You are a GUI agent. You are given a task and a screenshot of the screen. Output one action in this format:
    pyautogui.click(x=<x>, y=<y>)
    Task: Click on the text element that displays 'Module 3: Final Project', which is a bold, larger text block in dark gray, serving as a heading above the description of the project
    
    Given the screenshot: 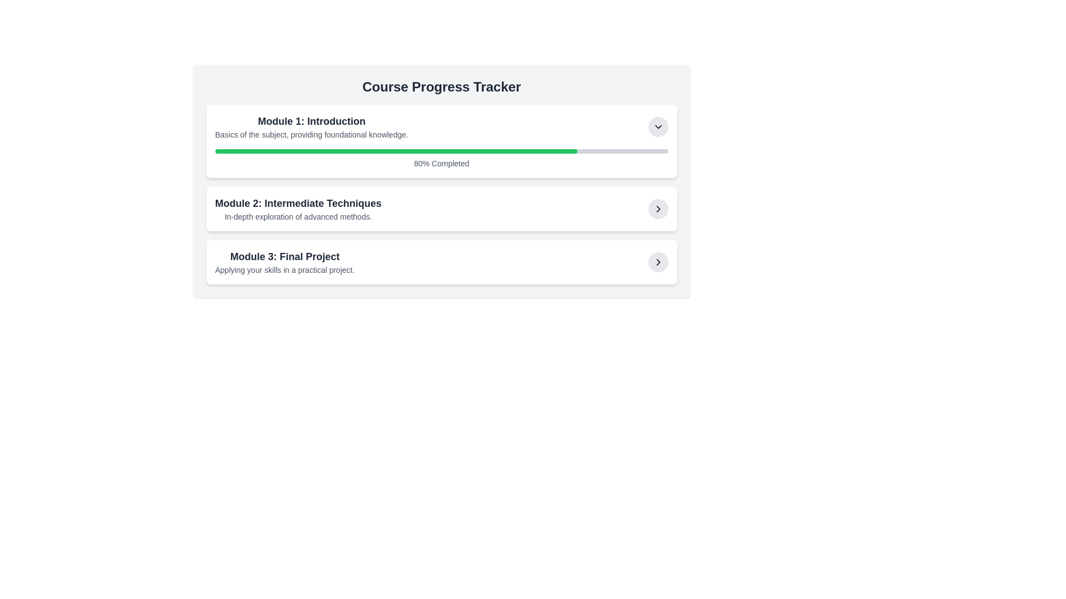 What is the action you would take?
    pyautogui.click(x=285, y=256)
    